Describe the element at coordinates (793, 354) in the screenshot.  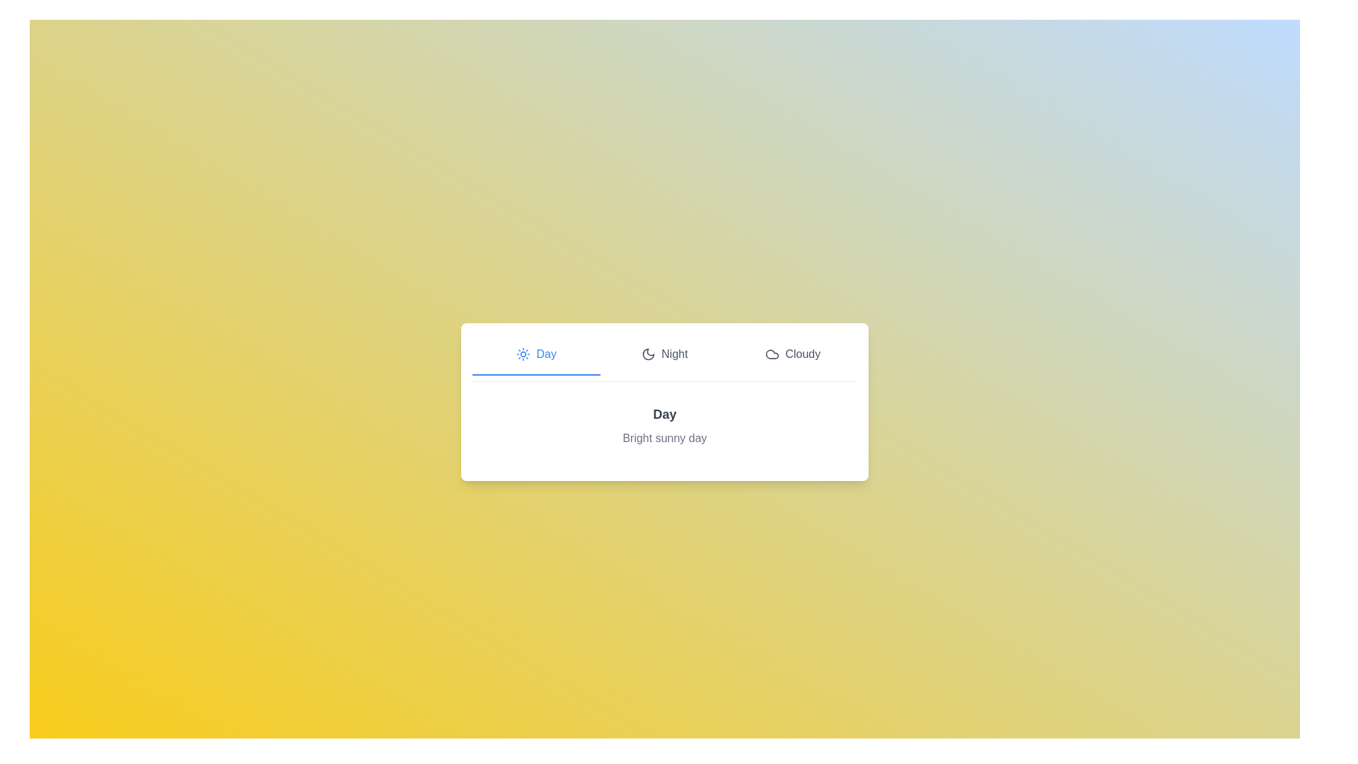
I see `the tab Cloudy to view its content` at that location.